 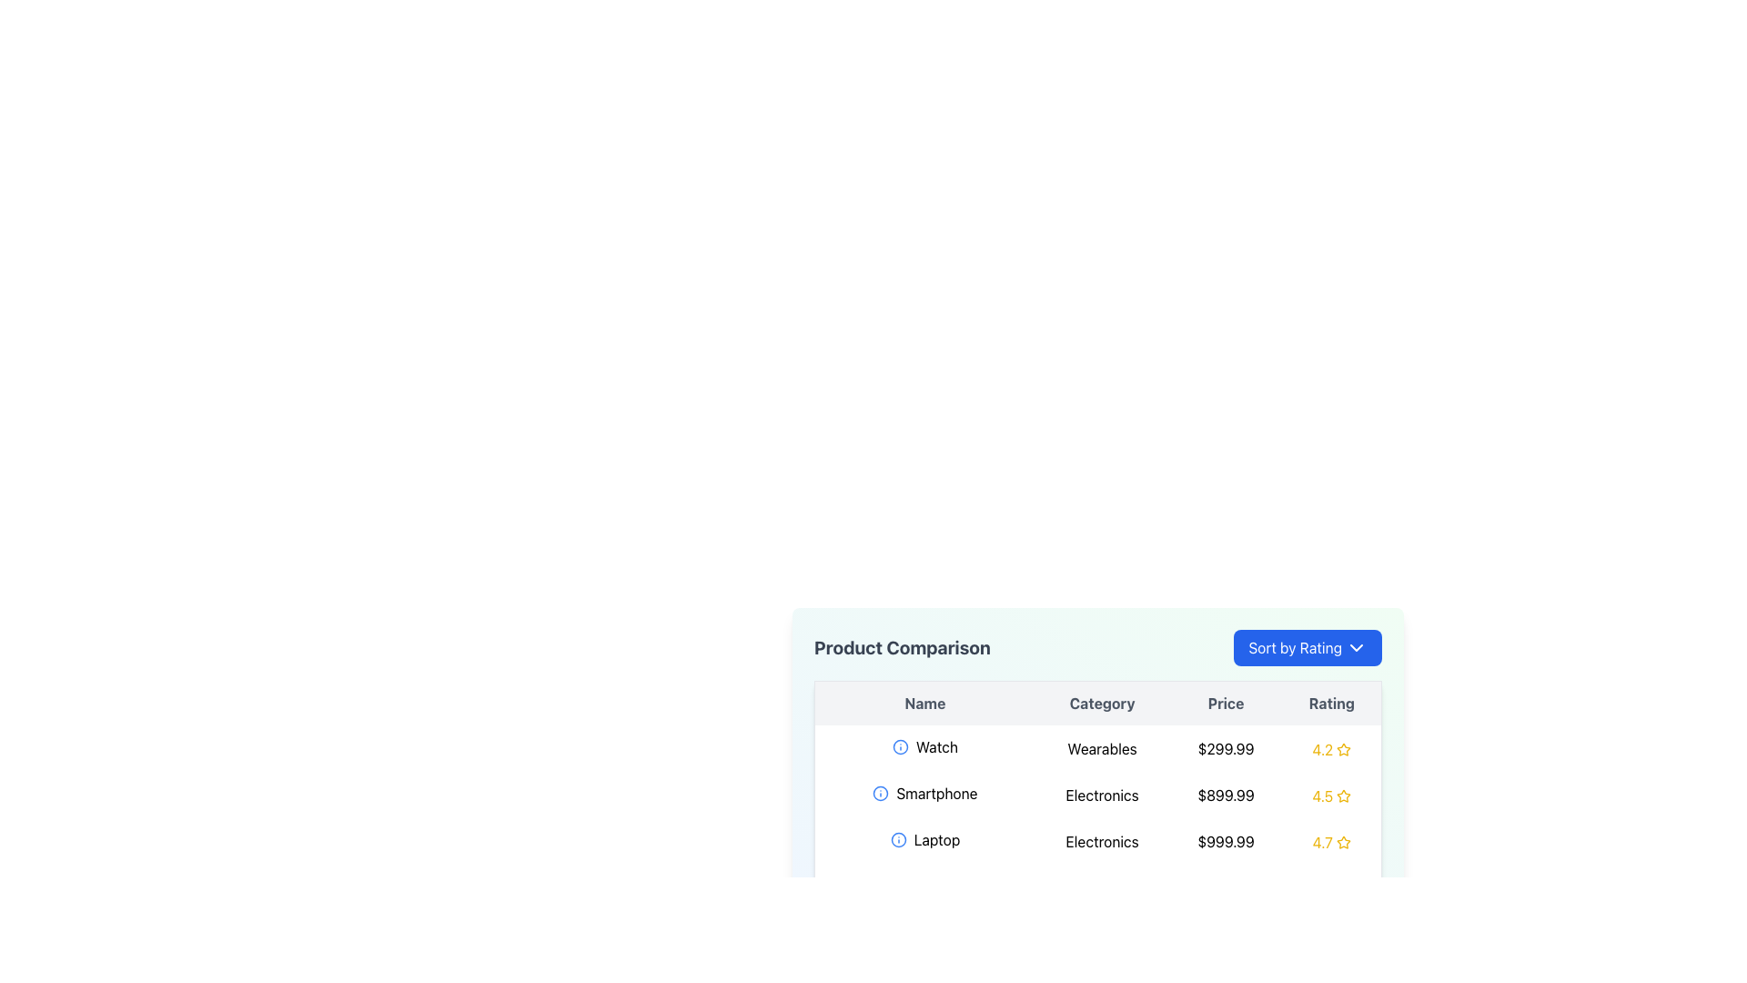 What do you see at coordinates (1226, 702) in the screenshot?
I see `the 'Price' text label header, which is the third column in the table, located between 'Category' and 'Rating'` at bounding box center [1226, 702].